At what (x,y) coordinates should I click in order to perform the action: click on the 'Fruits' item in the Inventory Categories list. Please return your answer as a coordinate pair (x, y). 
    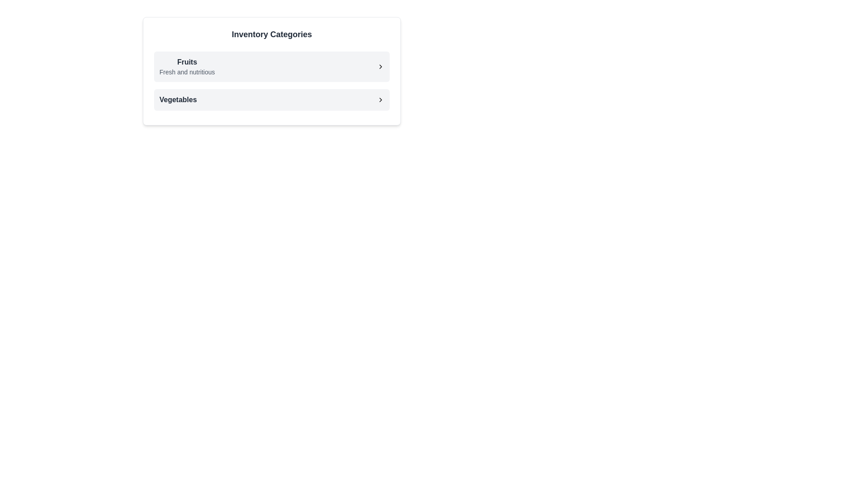
    Looking at the image, I should click on (271, 81).